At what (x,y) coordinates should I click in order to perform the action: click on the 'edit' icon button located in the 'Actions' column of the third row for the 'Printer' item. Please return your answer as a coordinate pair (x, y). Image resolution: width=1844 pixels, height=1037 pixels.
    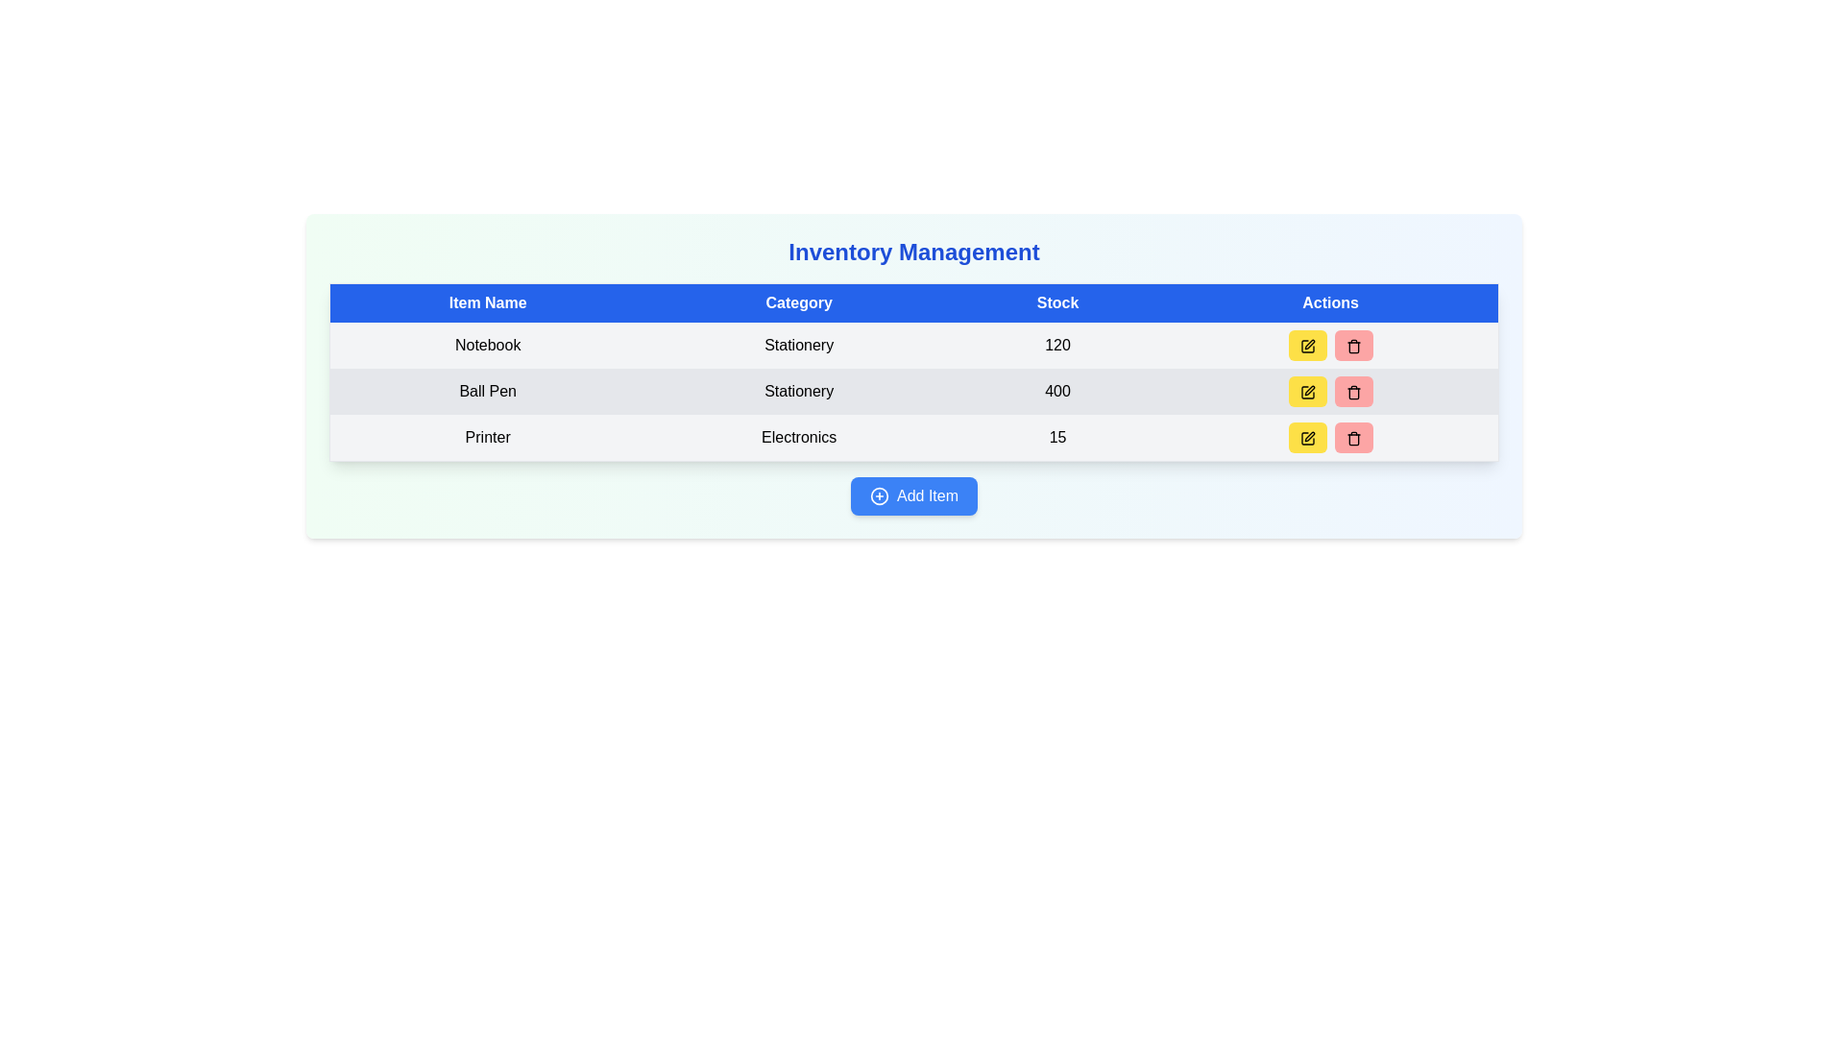
    Looking at the image, I should click on (1306, 438).